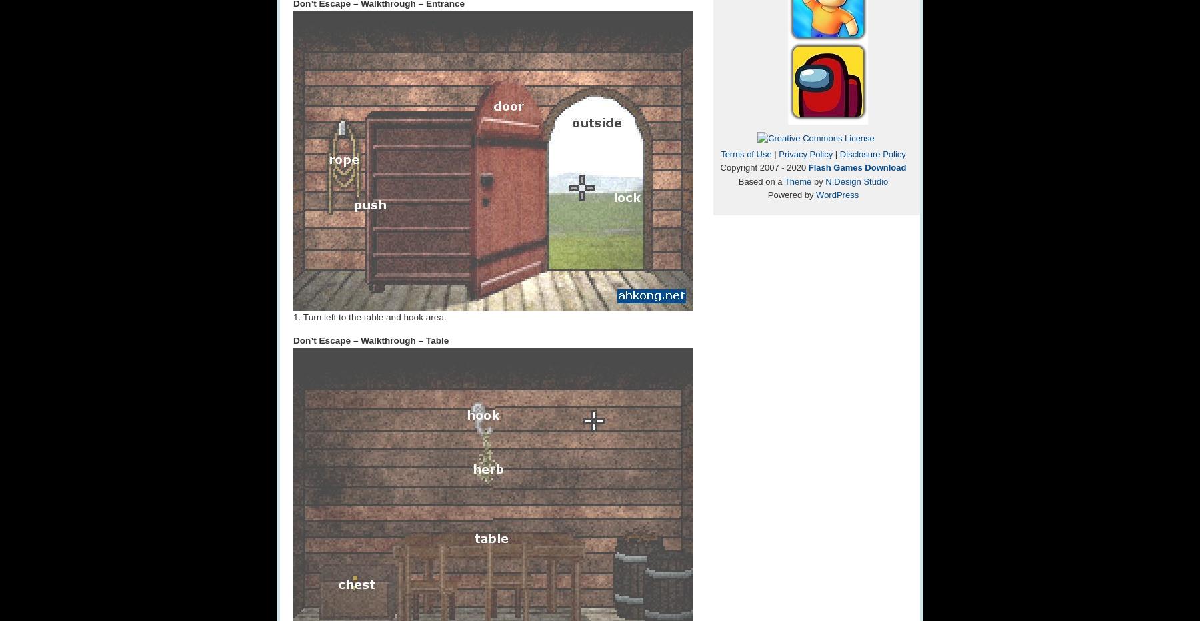  What do you see at coordinates (857, 180) in the screenshot?
I see `'N.Design Studio'` at bounding box center [857, 180].